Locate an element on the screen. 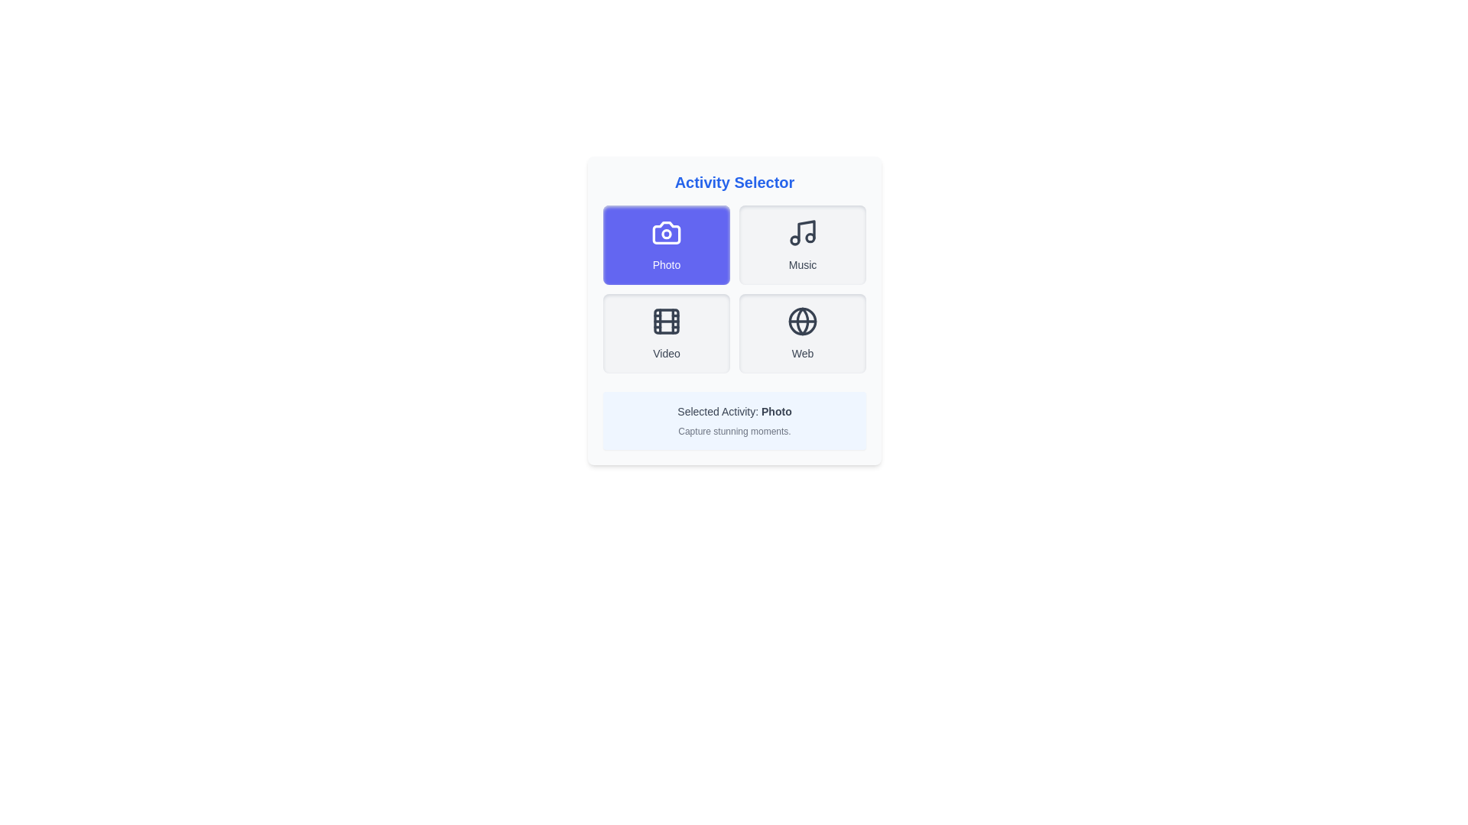 Image resolution: width=1468 pixels, height=825 pixels. the light gray rectangular graphic icon resembling a film, located in the center of the 'Video' button in the activity selector interface is located at coordinates (667, 320).